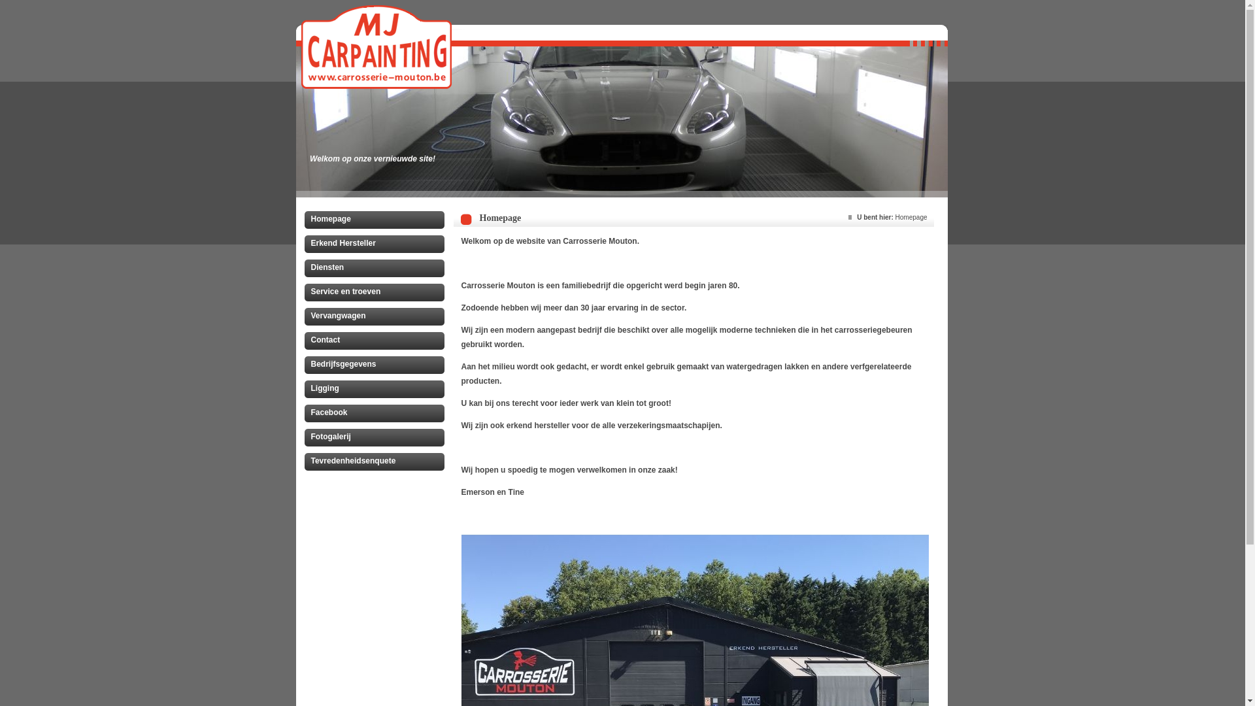 The width and height of the screenshot is (1255, 706). Describe the element at coordinates (376, 390) in the screenshot. I see `'Ligging'` at that location.